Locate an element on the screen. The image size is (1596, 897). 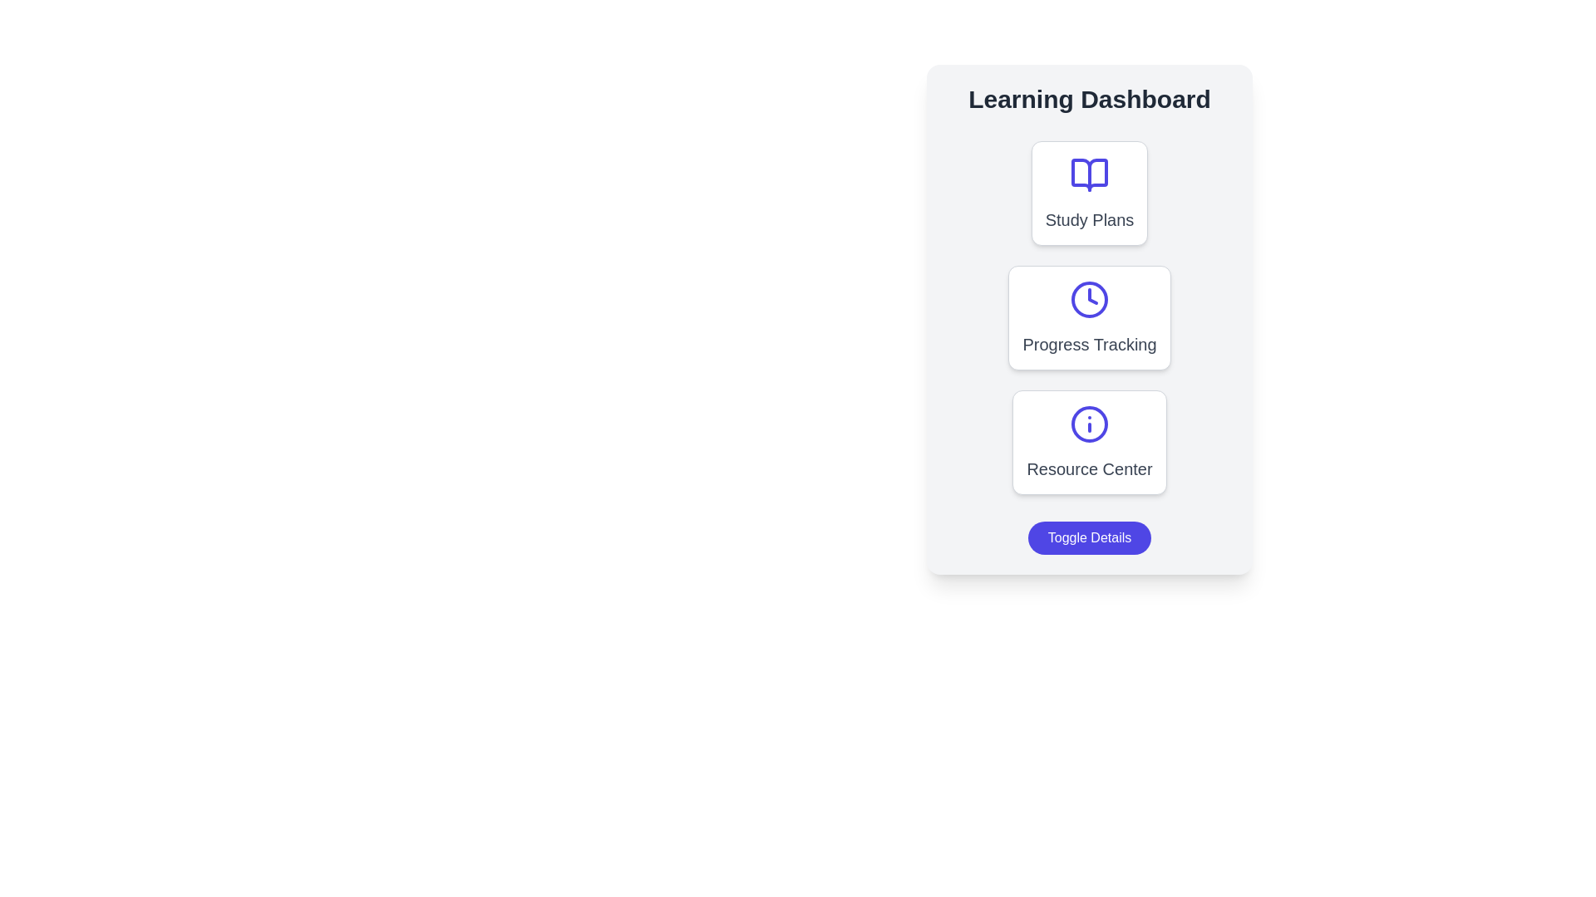
the clickable card that serves as an access point to the 'Resource Center' section, located at the bottom of a group of three vertically stacked cards is located at coordinates (1089, 441).